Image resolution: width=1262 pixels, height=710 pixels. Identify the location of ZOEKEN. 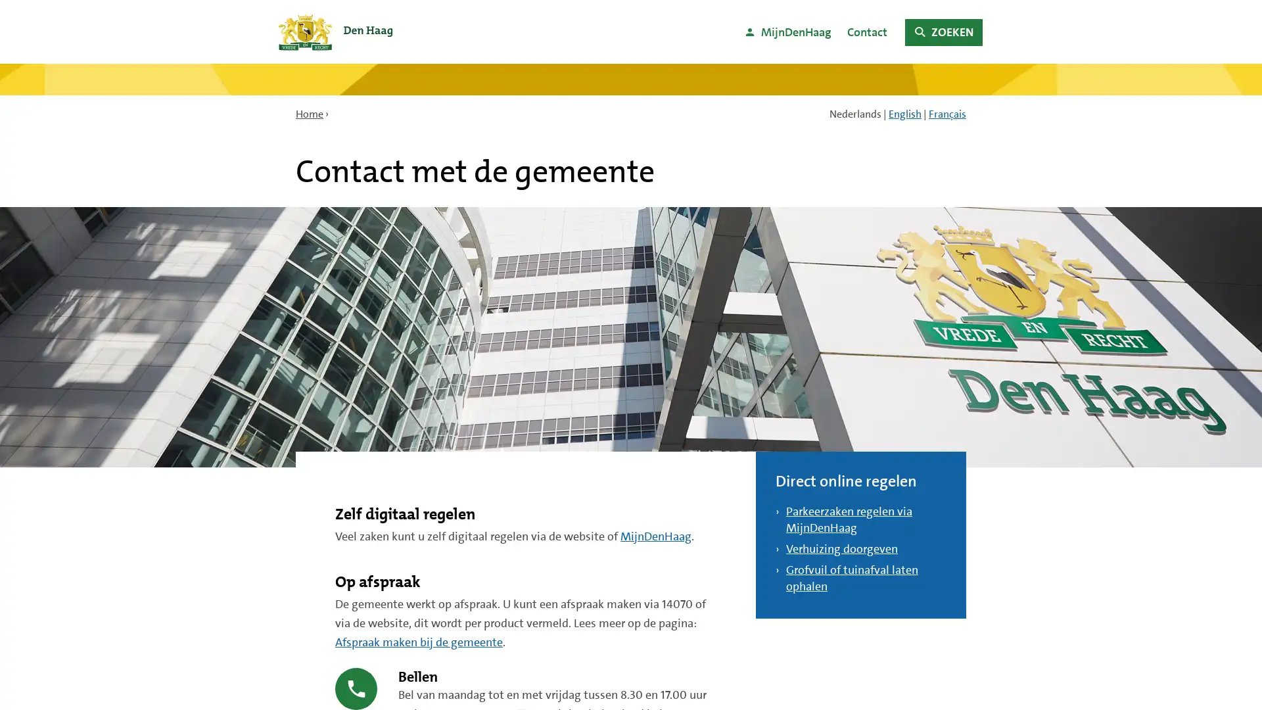
(943, 32).